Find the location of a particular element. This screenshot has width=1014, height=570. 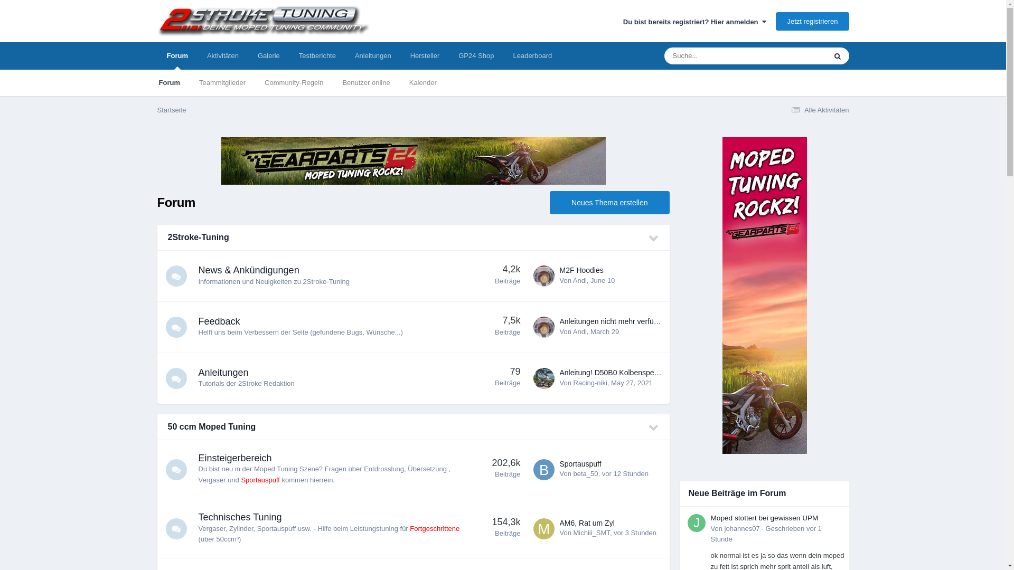

'2Stroke-Tuning' is located at coordinates (198, 236).